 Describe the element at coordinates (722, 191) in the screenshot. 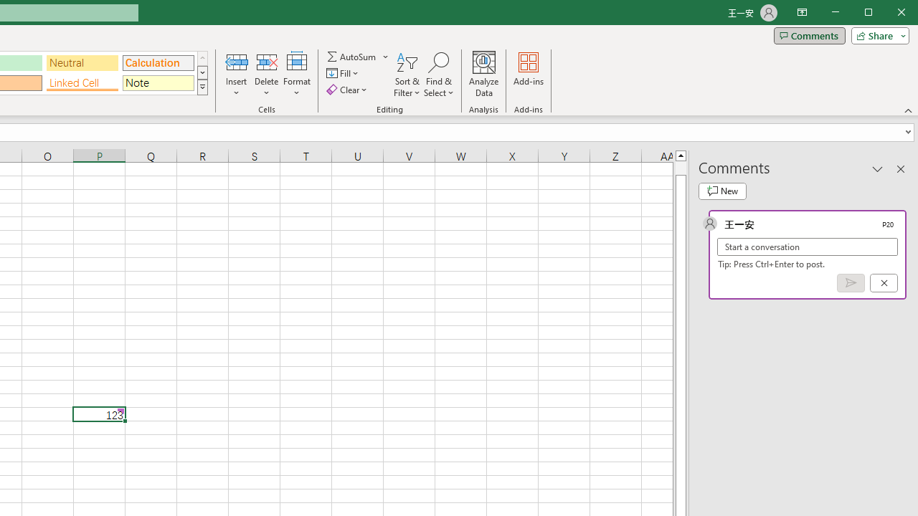

I see `'New comment'` at that location.